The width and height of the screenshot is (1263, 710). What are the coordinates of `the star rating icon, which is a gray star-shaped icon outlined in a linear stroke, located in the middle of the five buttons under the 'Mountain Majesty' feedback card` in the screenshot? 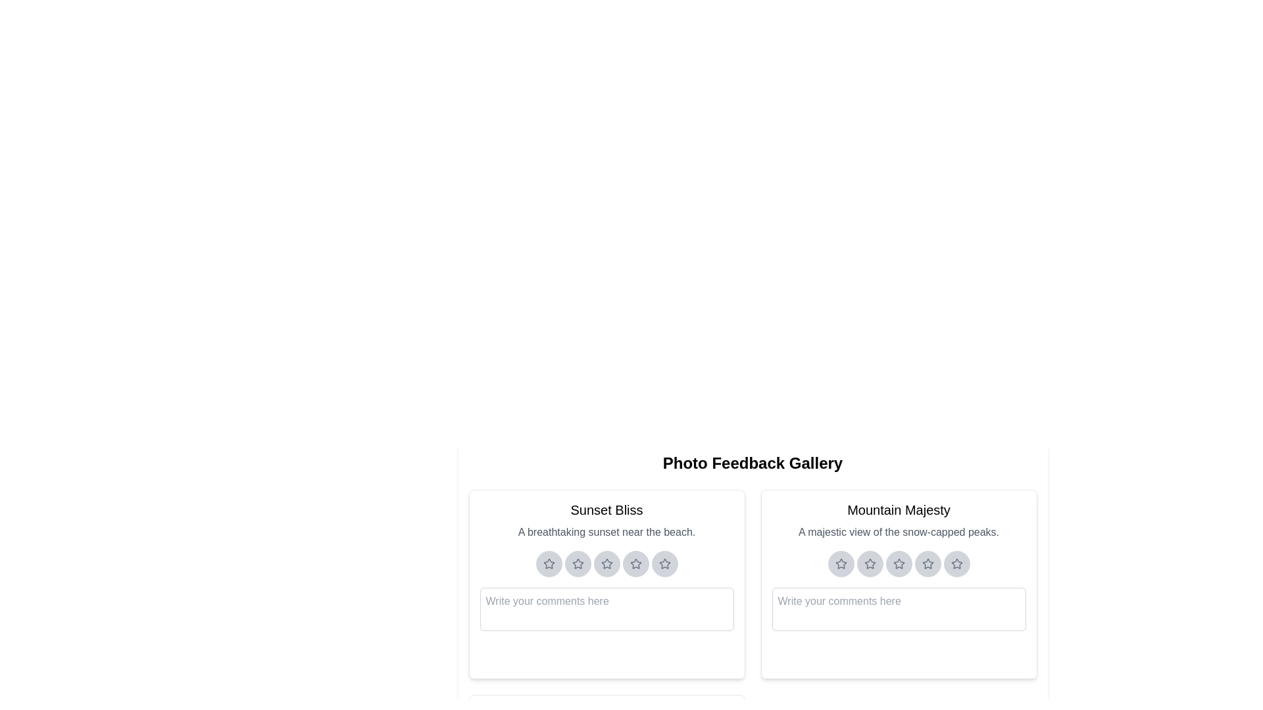 It's located at (898, 563).